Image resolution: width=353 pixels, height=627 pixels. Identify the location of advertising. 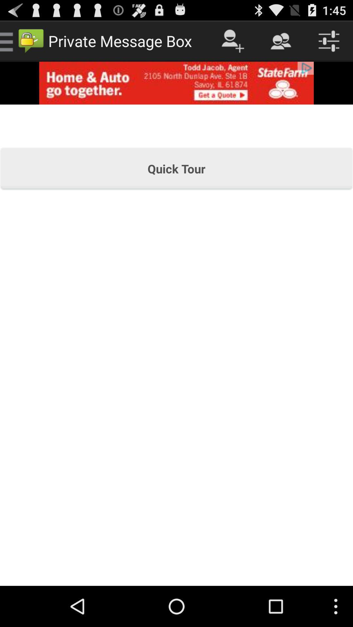
(176, 83).